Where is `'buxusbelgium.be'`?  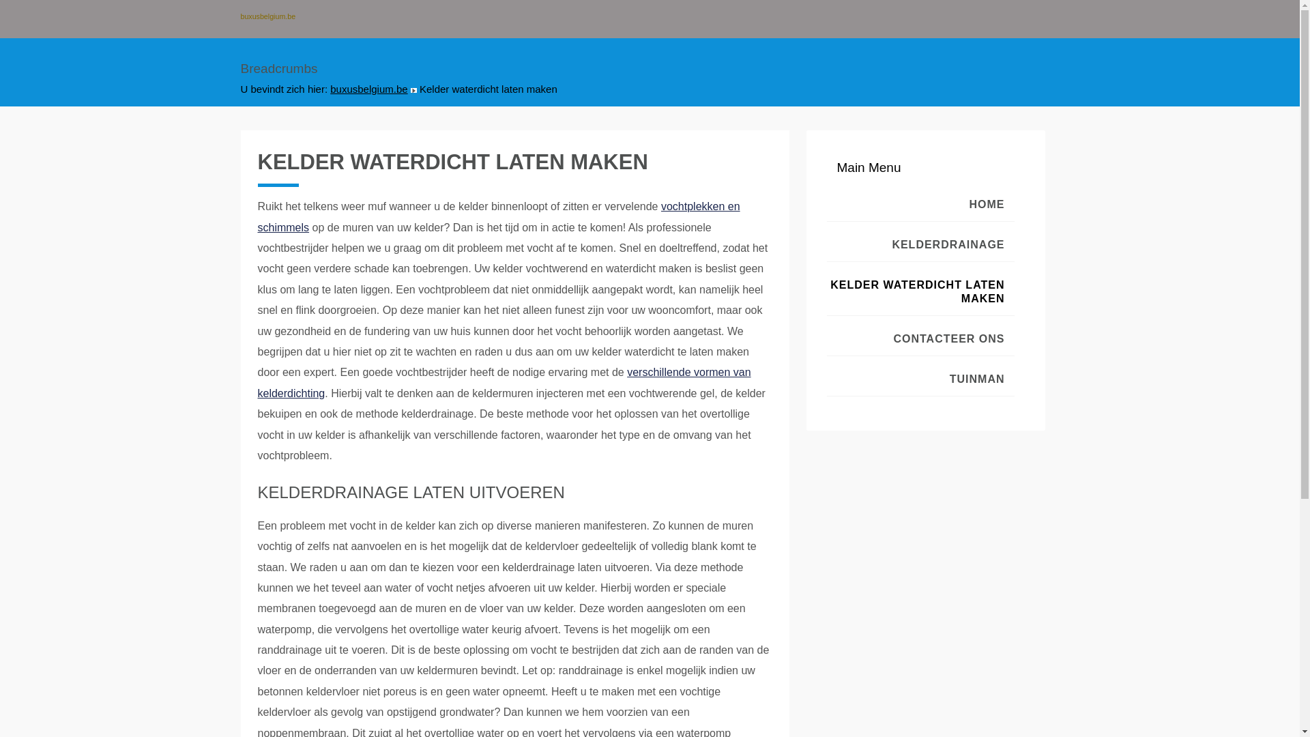 'buxusbelgium.be' is located at coordinates (275, 16).